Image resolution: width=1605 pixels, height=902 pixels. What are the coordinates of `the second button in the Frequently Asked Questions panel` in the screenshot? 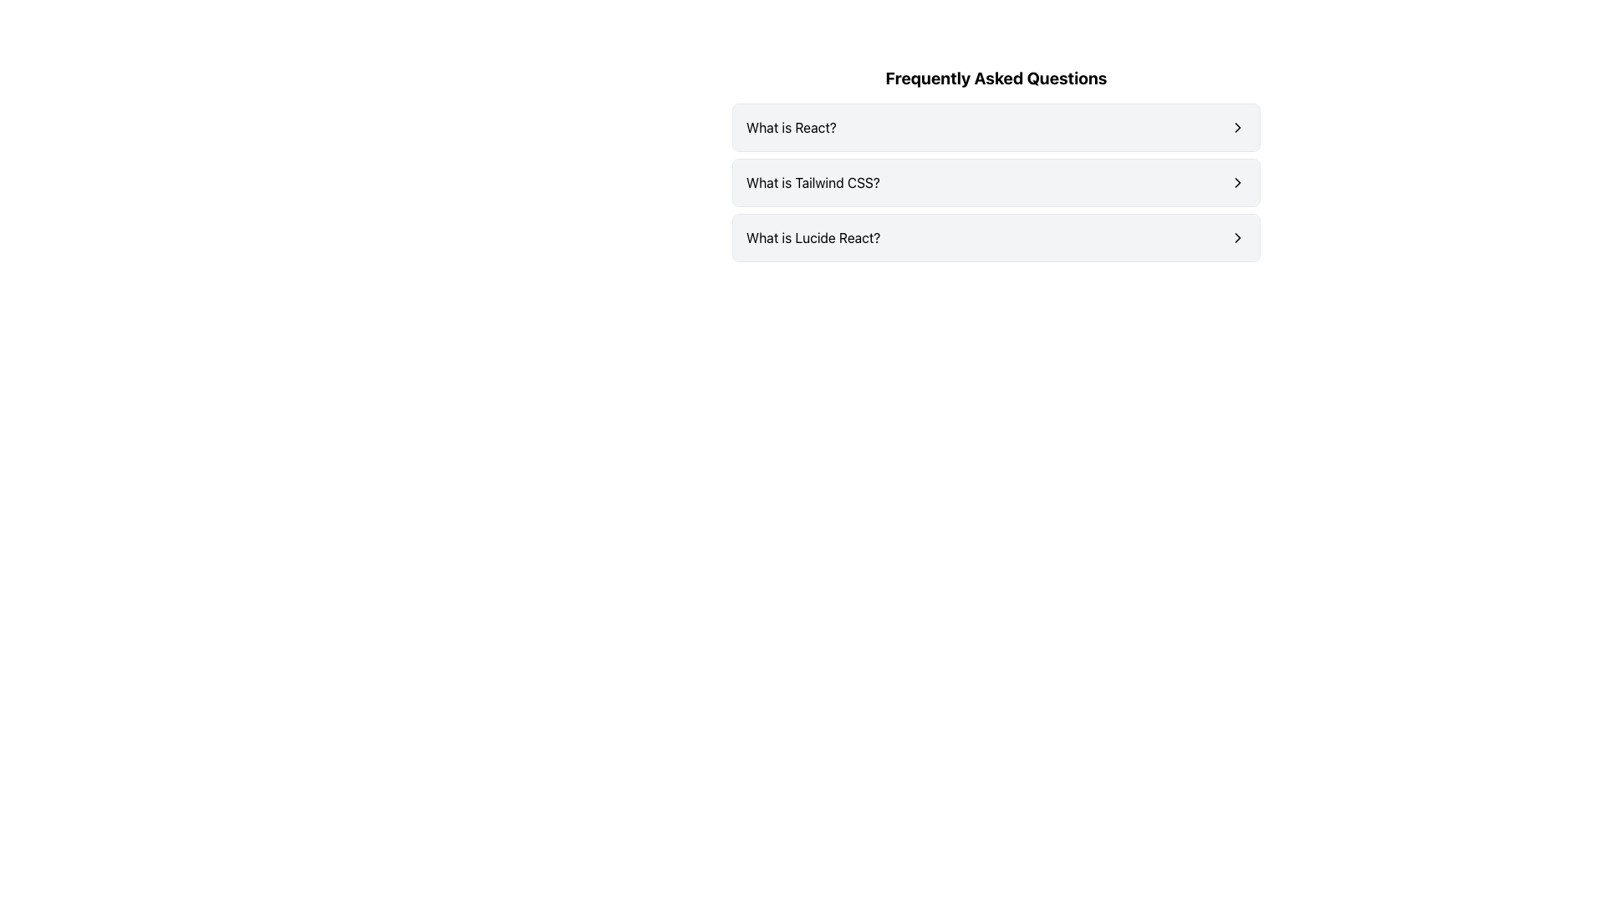 It's located at (996, 183).